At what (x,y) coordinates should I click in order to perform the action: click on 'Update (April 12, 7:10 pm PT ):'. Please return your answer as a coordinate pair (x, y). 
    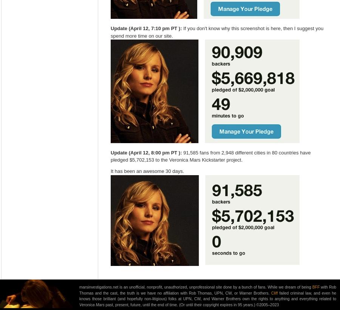
    Looking at the image, I should click on (146, 28).